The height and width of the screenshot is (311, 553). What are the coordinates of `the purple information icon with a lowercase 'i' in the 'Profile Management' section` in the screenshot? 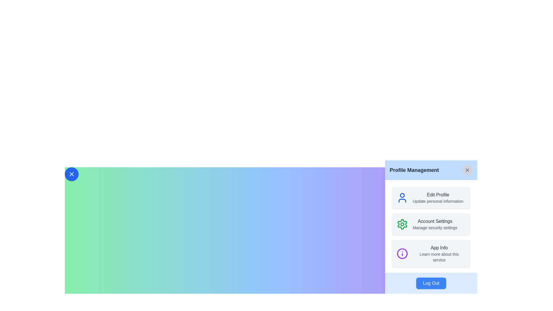 It's located at (402, 253).